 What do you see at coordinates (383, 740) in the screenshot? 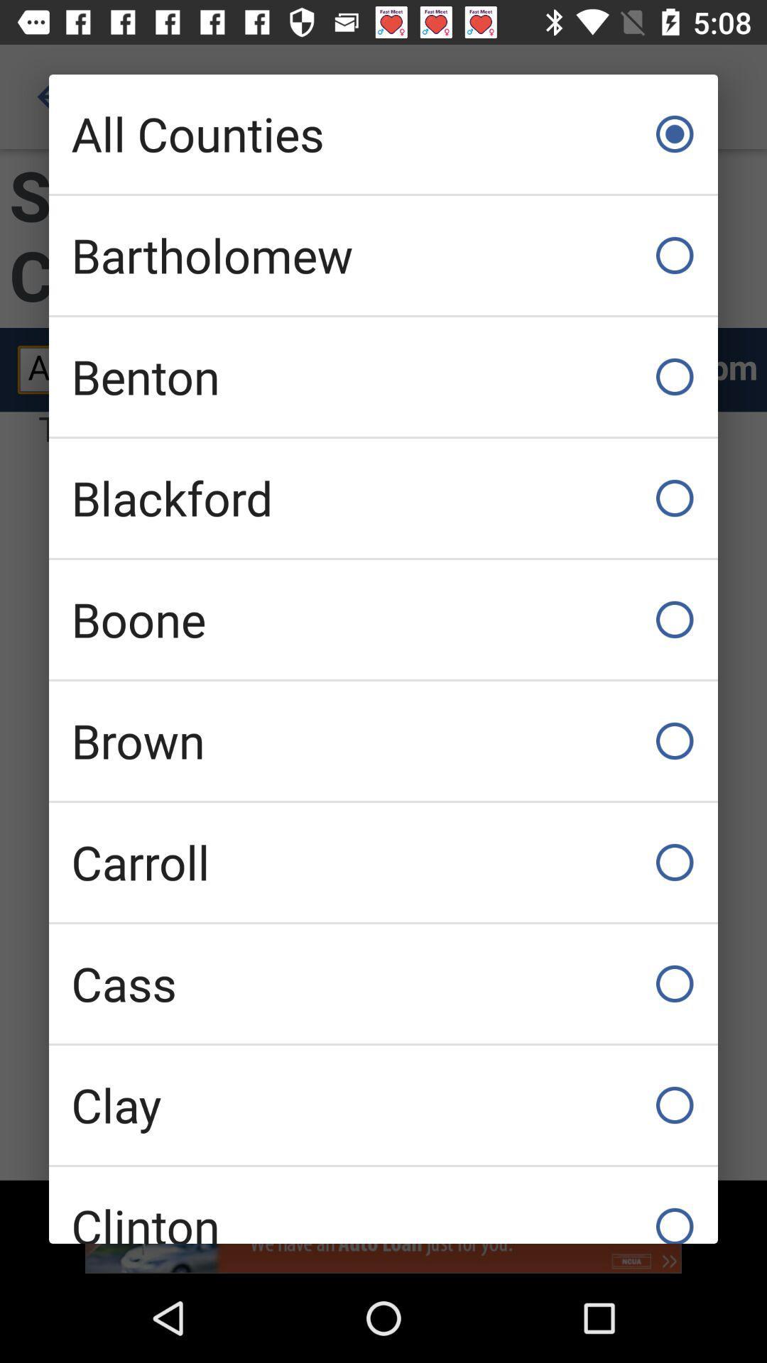
I see `item above the carroll icon` at bounding box center [383, 740].